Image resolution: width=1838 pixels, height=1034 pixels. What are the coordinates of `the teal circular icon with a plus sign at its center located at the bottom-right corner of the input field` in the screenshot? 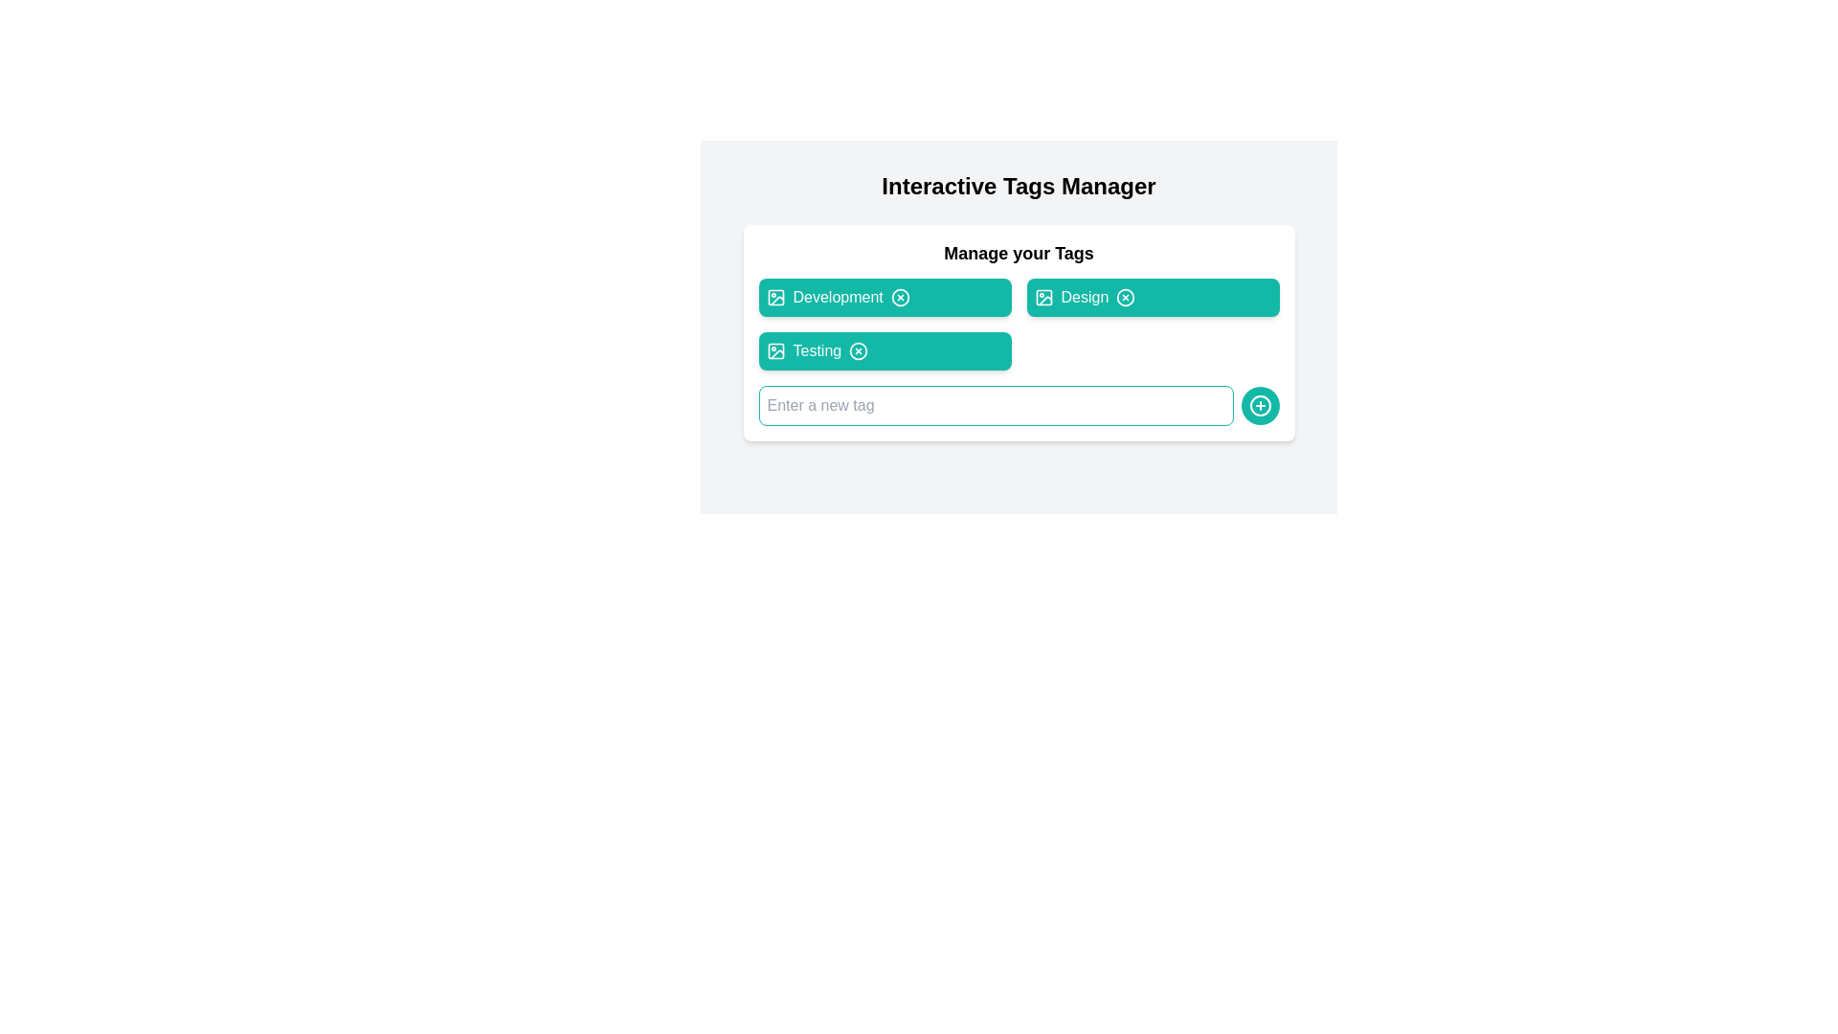 It's located at (1260, 405).